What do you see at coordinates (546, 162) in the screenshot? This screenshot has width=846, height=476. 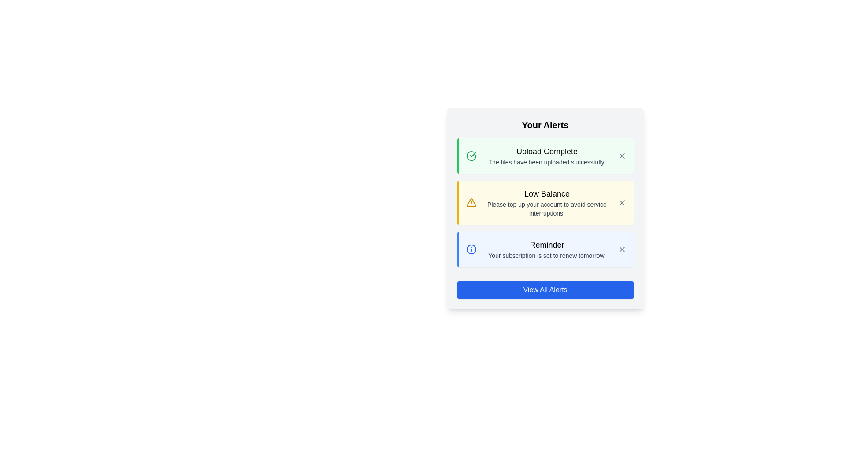 I see `the confirmation message Text label located in the notification card titled 'Upload Complete', positioned directly below the title in the alert summary panel` at bounding box center [546, 162].